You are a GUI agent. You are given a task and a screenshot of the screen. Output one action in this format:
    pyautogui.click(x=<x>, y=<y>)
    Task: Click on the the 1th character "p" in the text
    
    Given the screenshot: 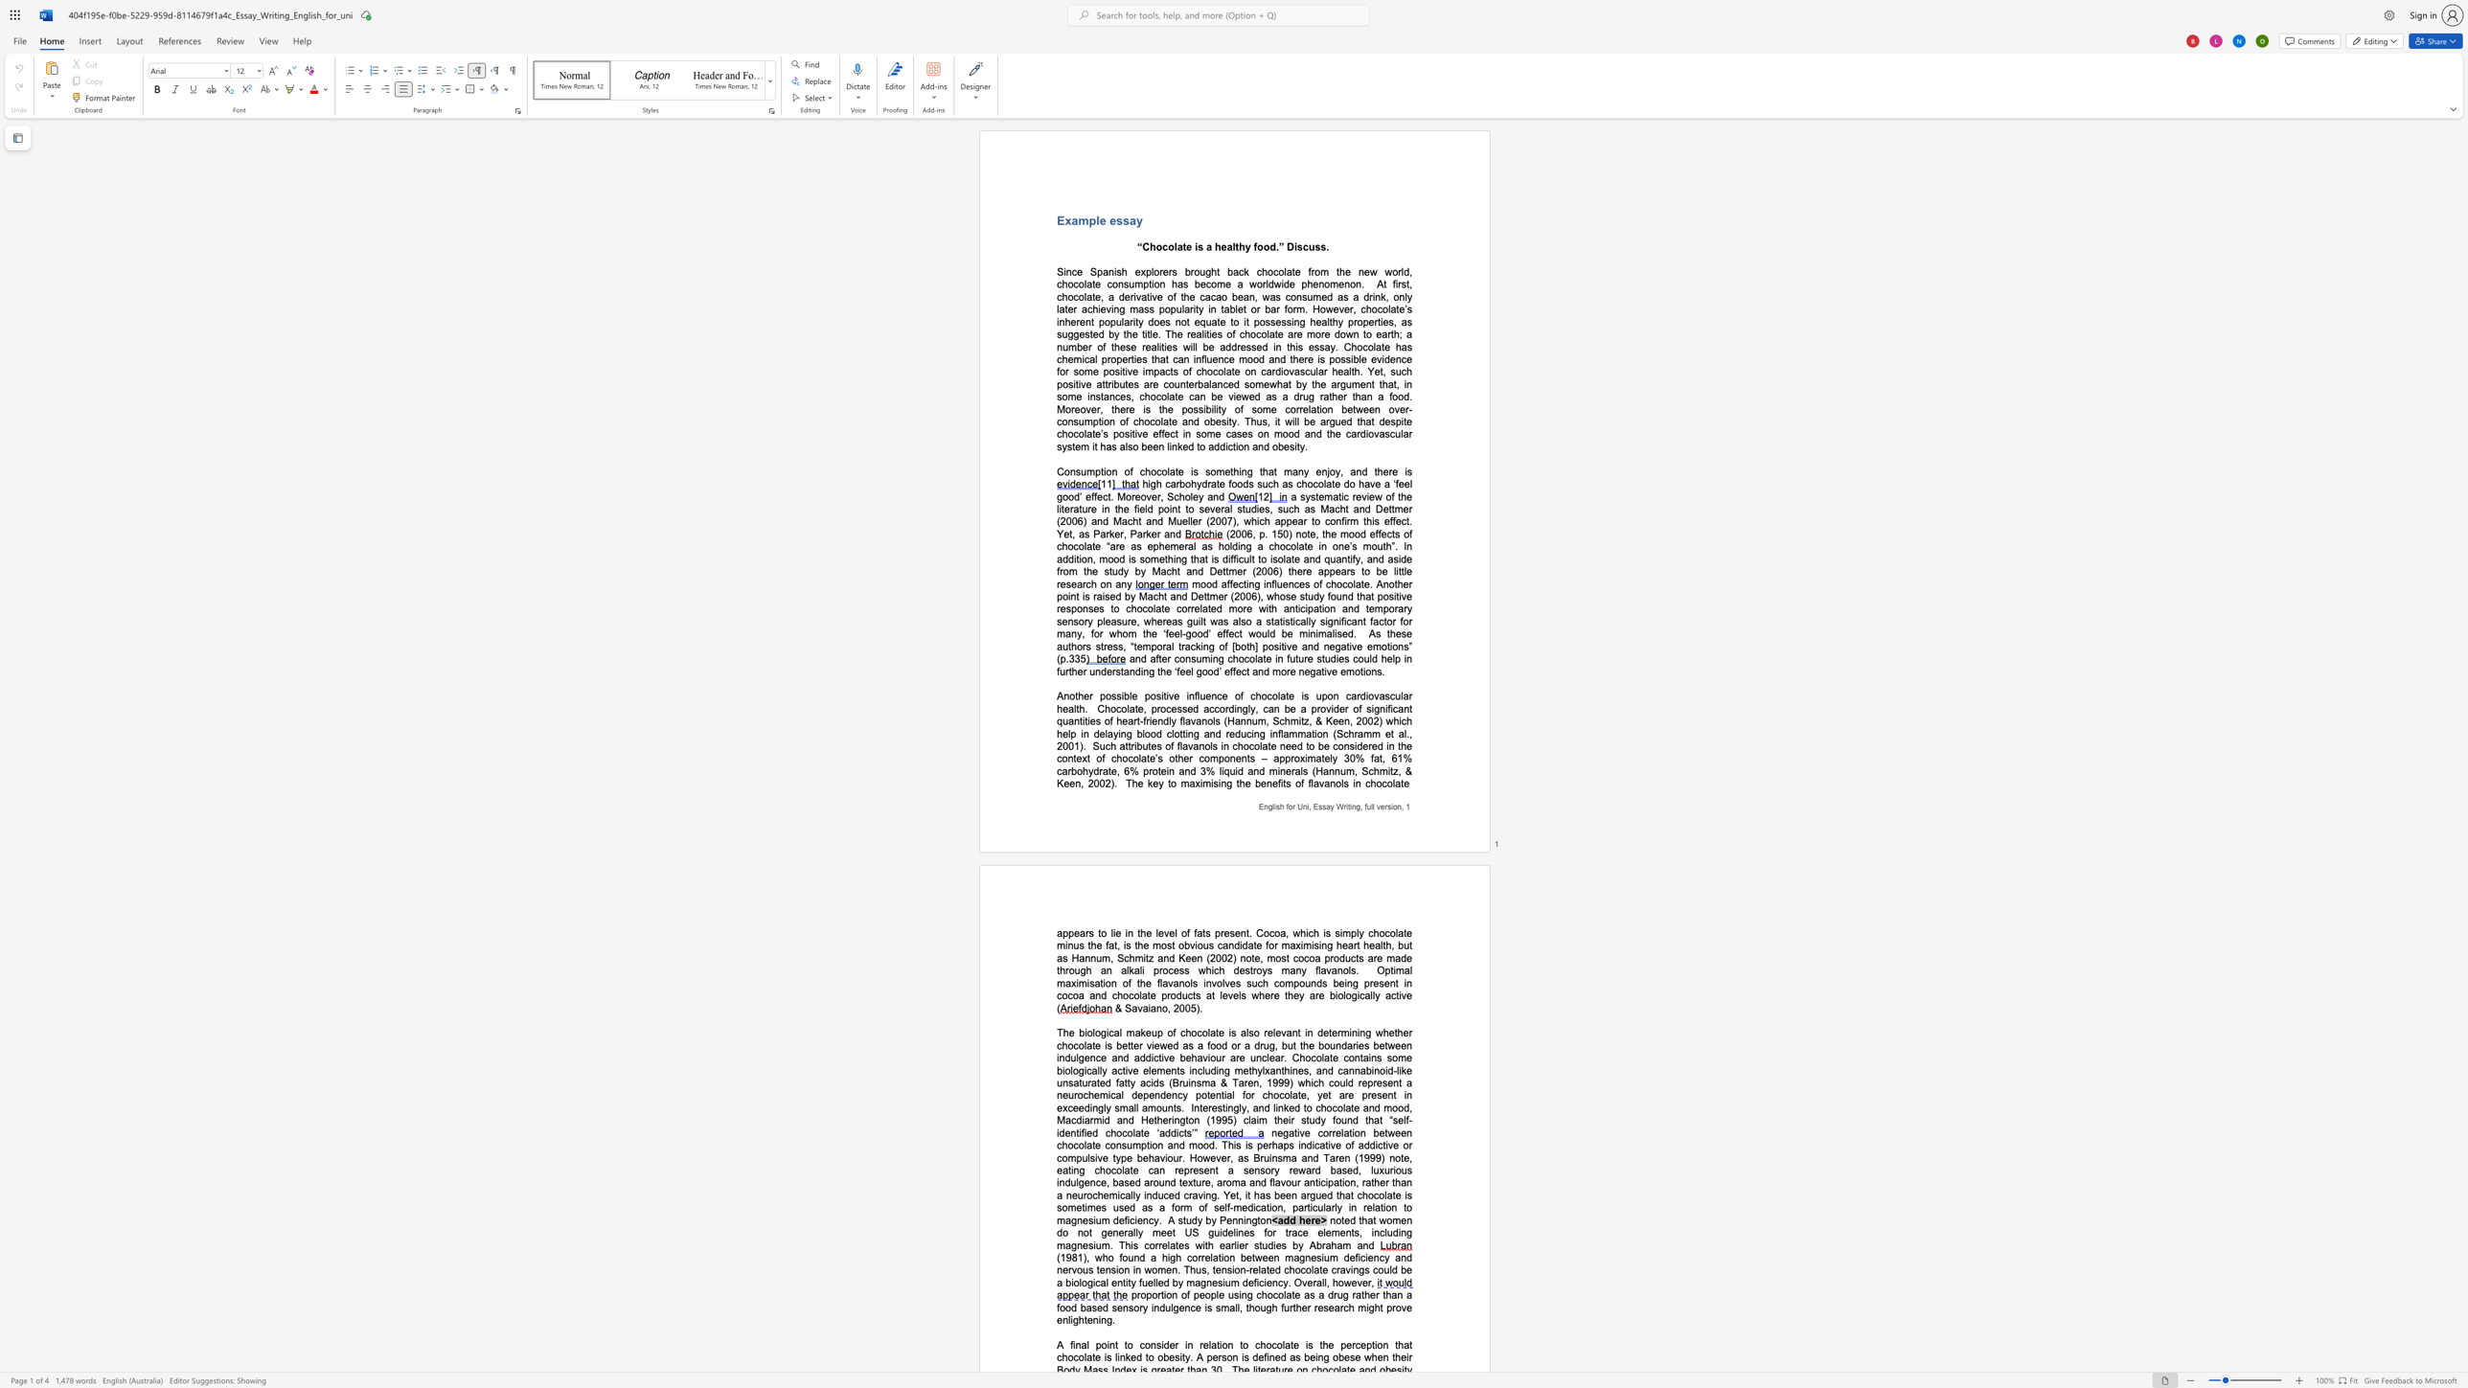 What is the action you would take?
    pyautogui.click(x=1090, y=219)
    